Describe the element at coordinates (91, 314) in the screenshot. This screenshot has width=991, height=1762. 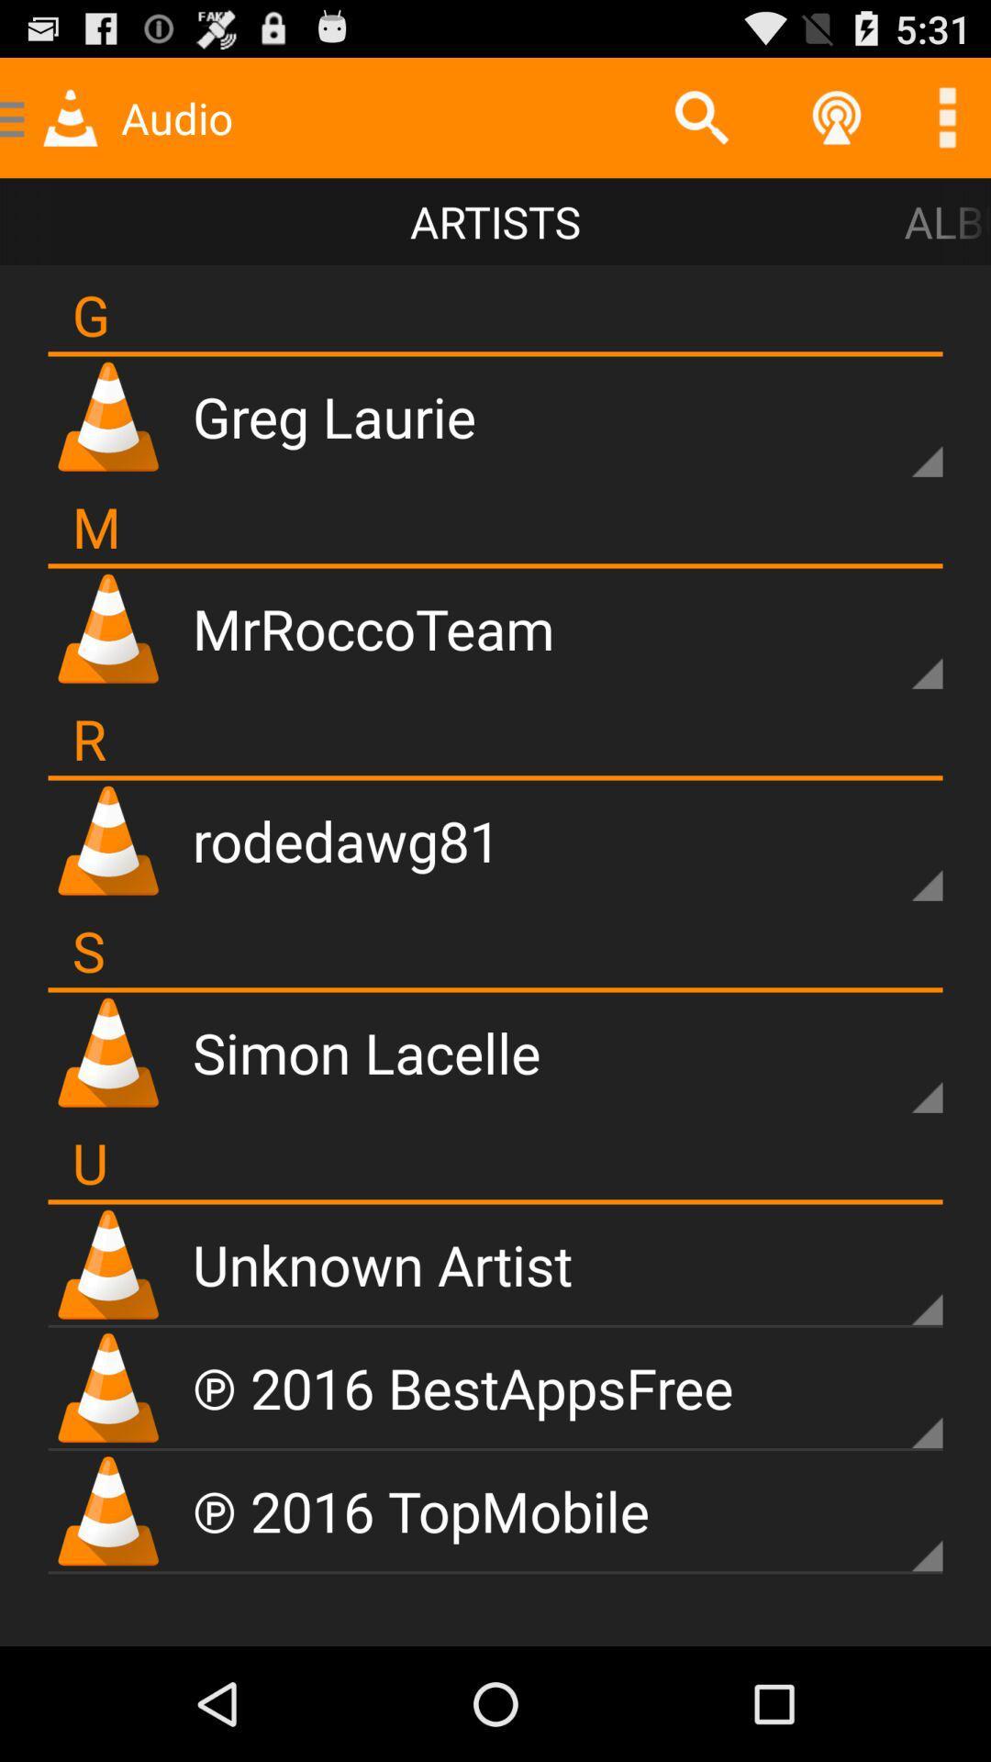
I see `the g icon` at that location.